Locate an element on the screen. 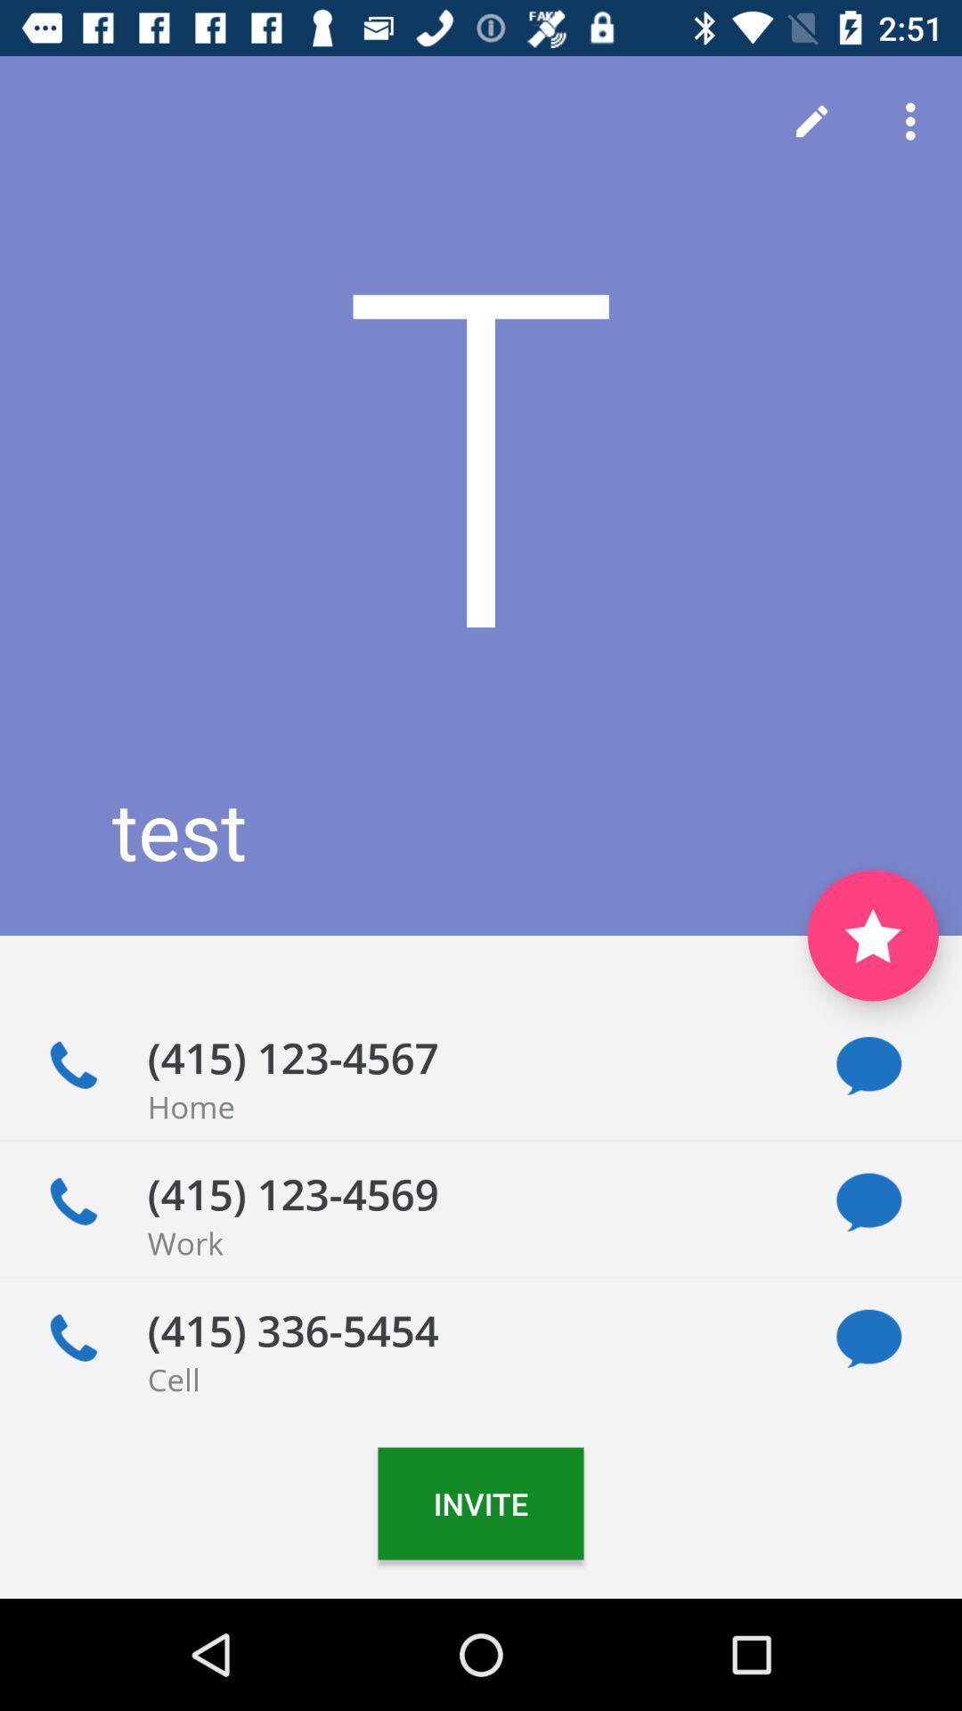 This screenshot has height=1711, width=962. the star icon is located at coordinates (872, 935).